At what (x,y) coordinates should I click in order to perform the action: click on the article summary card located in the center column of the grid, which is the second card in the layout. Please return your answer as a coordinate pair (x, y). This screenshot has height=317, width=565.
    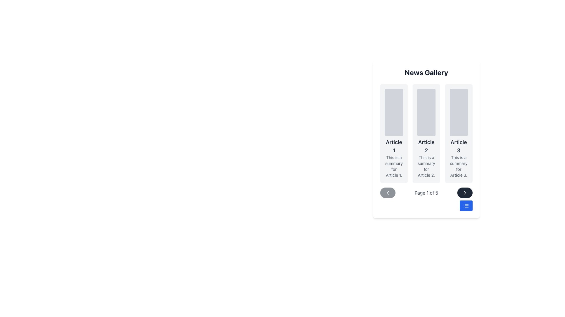
    Looking at the image, I should click on (426, 134).